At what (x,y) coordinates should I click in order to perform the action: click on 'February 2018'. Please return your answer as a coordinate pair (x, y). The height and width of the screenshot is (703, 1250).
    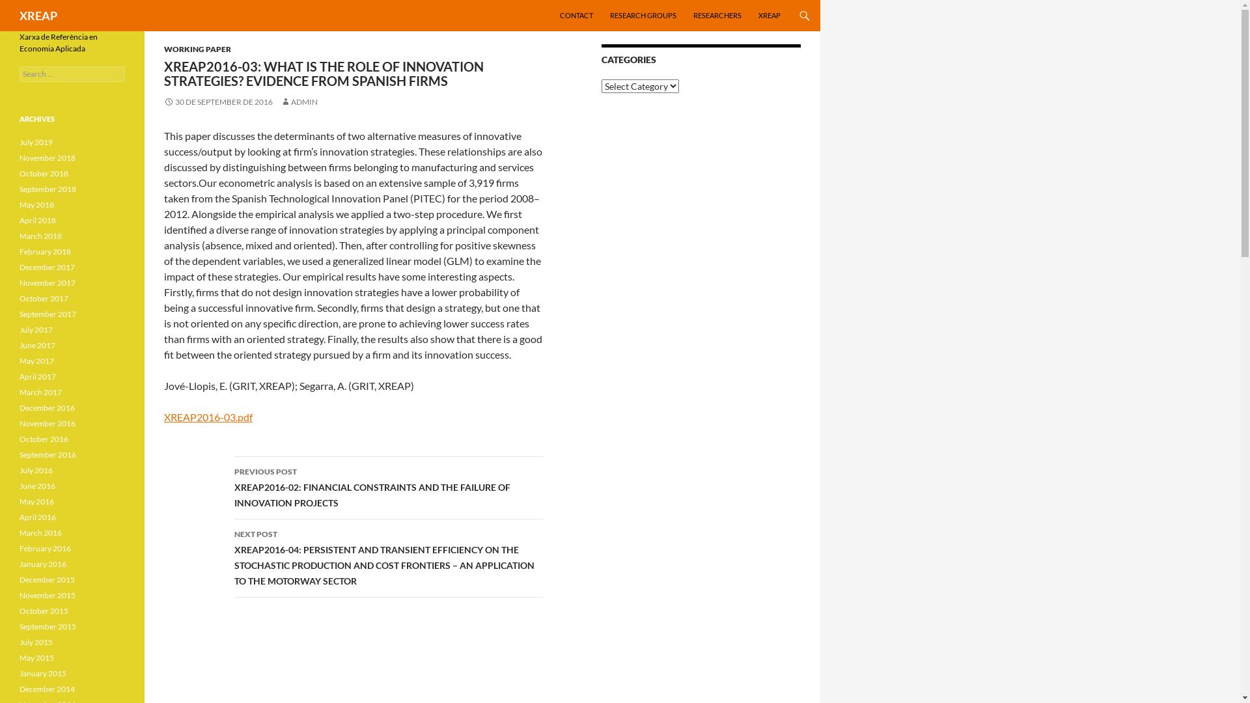
    Looking at the image, I should click on (45, 251).